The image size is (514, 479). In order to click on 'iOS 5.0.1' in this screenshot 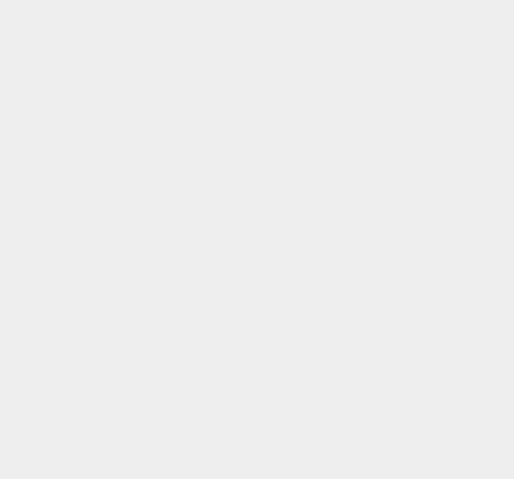, I will do `click(375, 103)`.